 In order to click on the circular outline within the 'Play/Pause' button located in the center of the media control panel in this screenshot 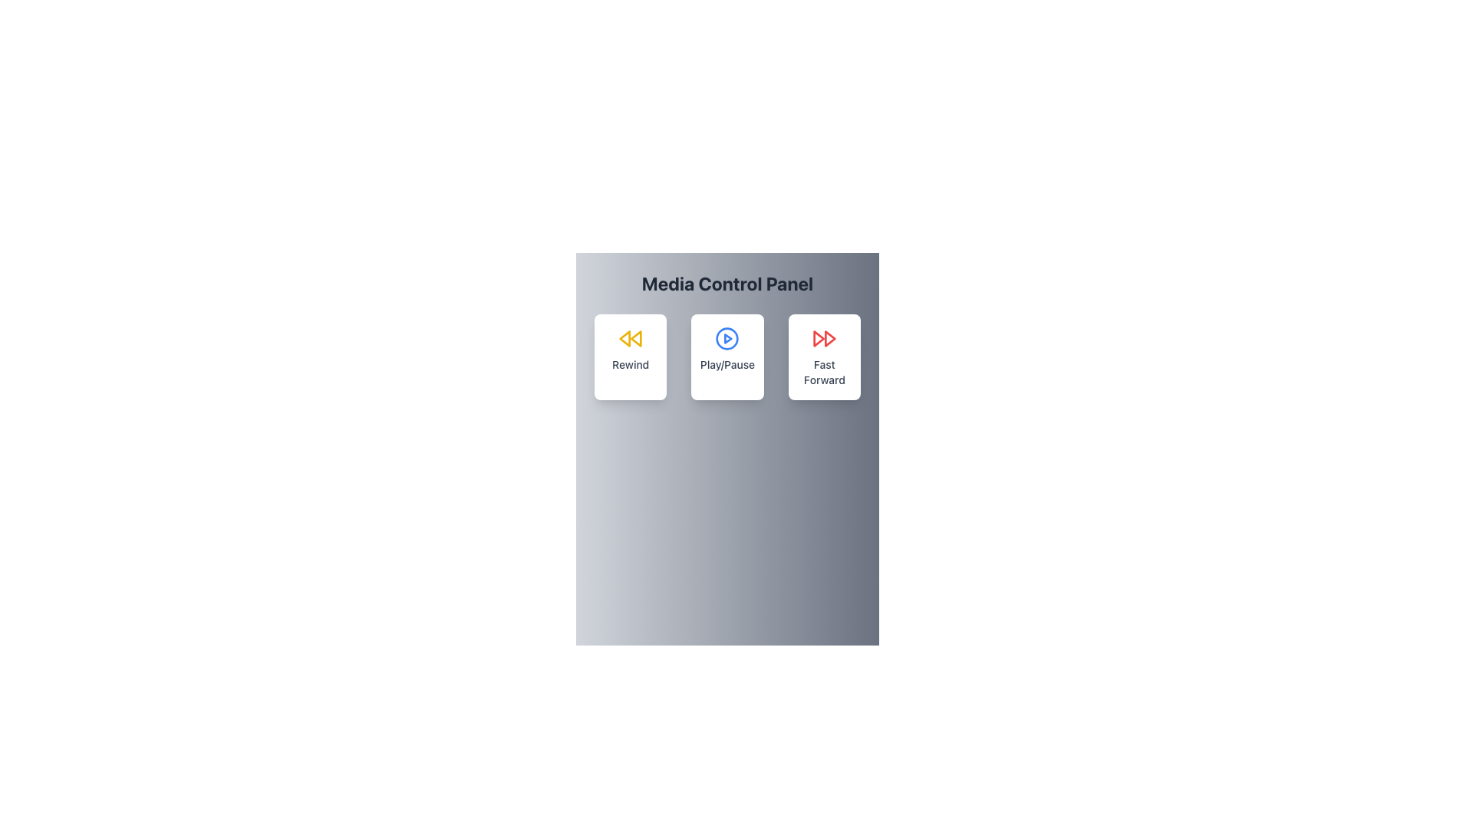, I will do `click(727, 338)`.